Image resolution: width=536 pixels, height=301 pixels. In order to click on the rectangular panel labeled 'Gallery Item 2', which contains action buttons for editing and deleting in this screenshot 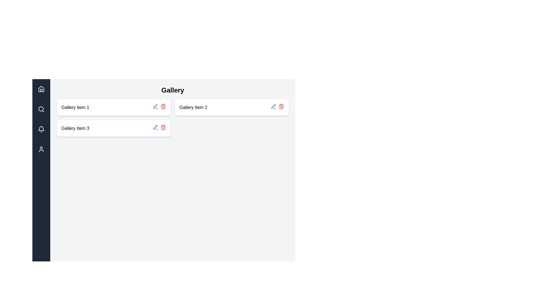, I will do `click(232, 107)`.